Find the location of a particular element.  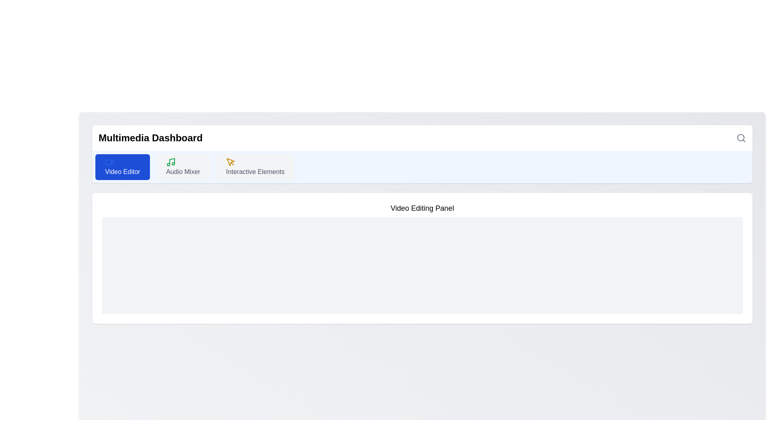

the yellow cursor icon within the 'Interactive Elements' tab of the top navigation is located at coordinates (230, 162).